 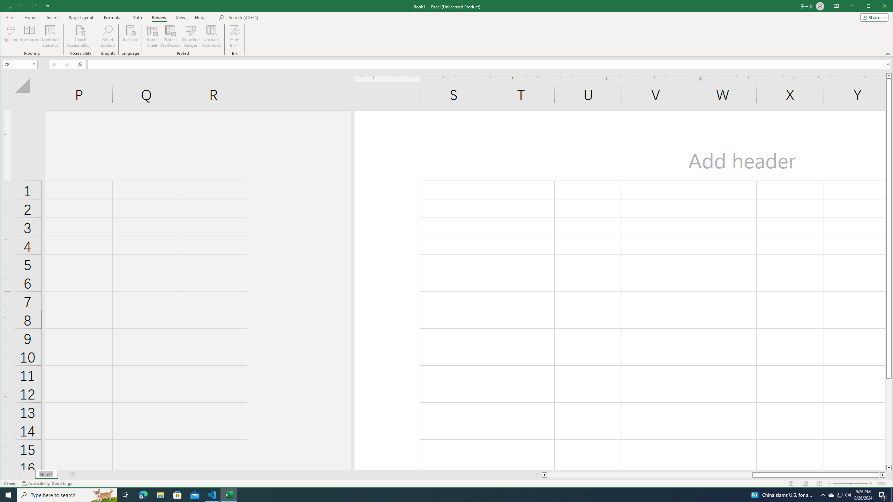 What do you see at coordinates (160, 494) in the screenshot?
I see `'File Explorer'` at bounding box center [160, 494].